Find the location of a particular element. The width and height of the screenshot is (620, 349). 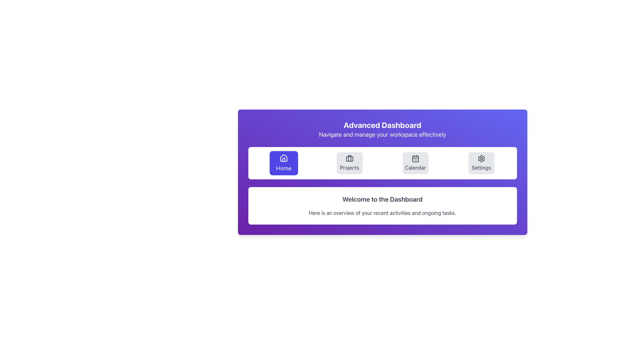

the text label that reads 'Here is an overview of your recent activities and ongoing tasks.' which is located beneath the title 'Welcome to the Dashboard' in a white card on a violet background is located at coordinates (382, 213).